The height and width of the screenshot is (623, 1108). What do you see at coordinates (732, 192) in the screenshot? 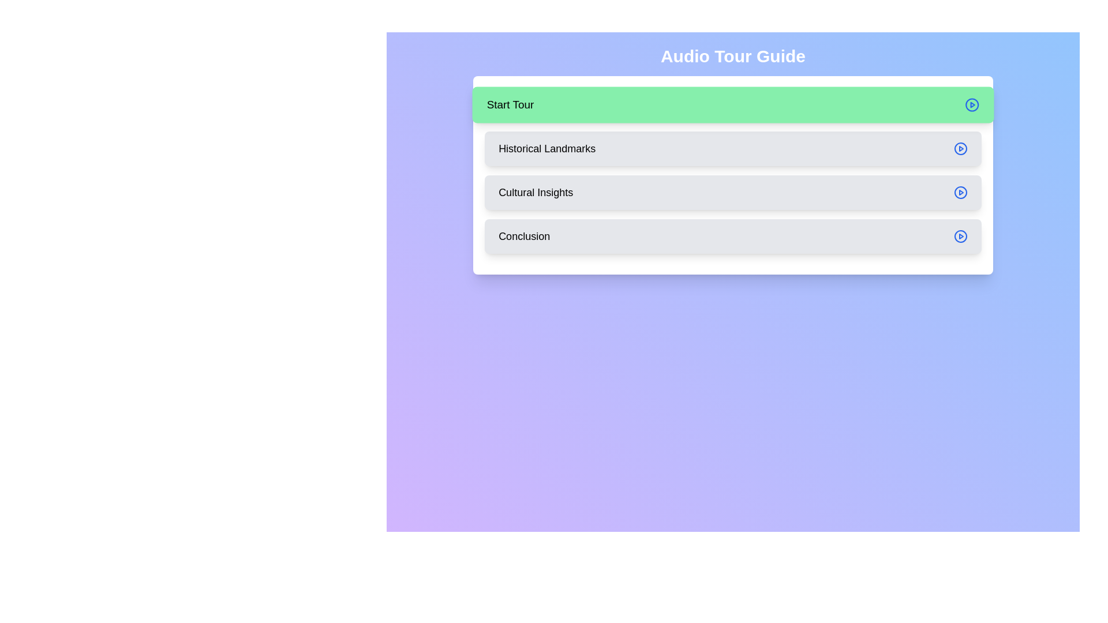
I see `the Cultural Insights step in the audio tour` at bounding box center [732, 192].